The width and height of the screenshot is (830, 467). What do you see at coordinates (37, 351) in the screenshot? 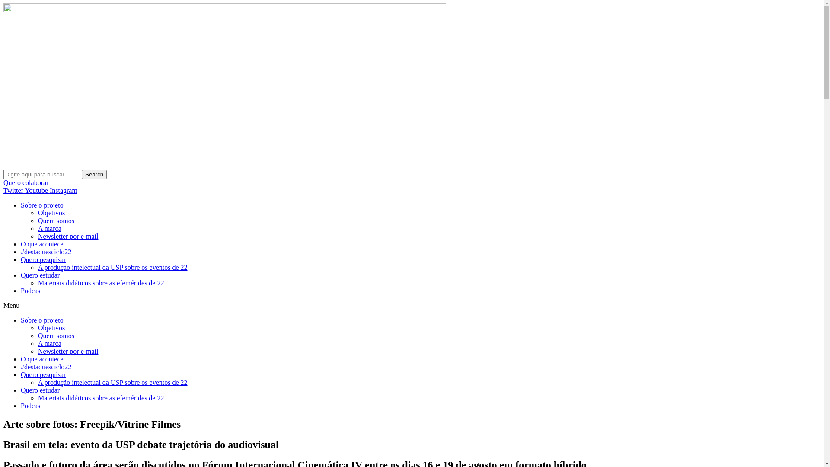
I see `'Newsletter por e-mail'` at bounding box center [37, 351].